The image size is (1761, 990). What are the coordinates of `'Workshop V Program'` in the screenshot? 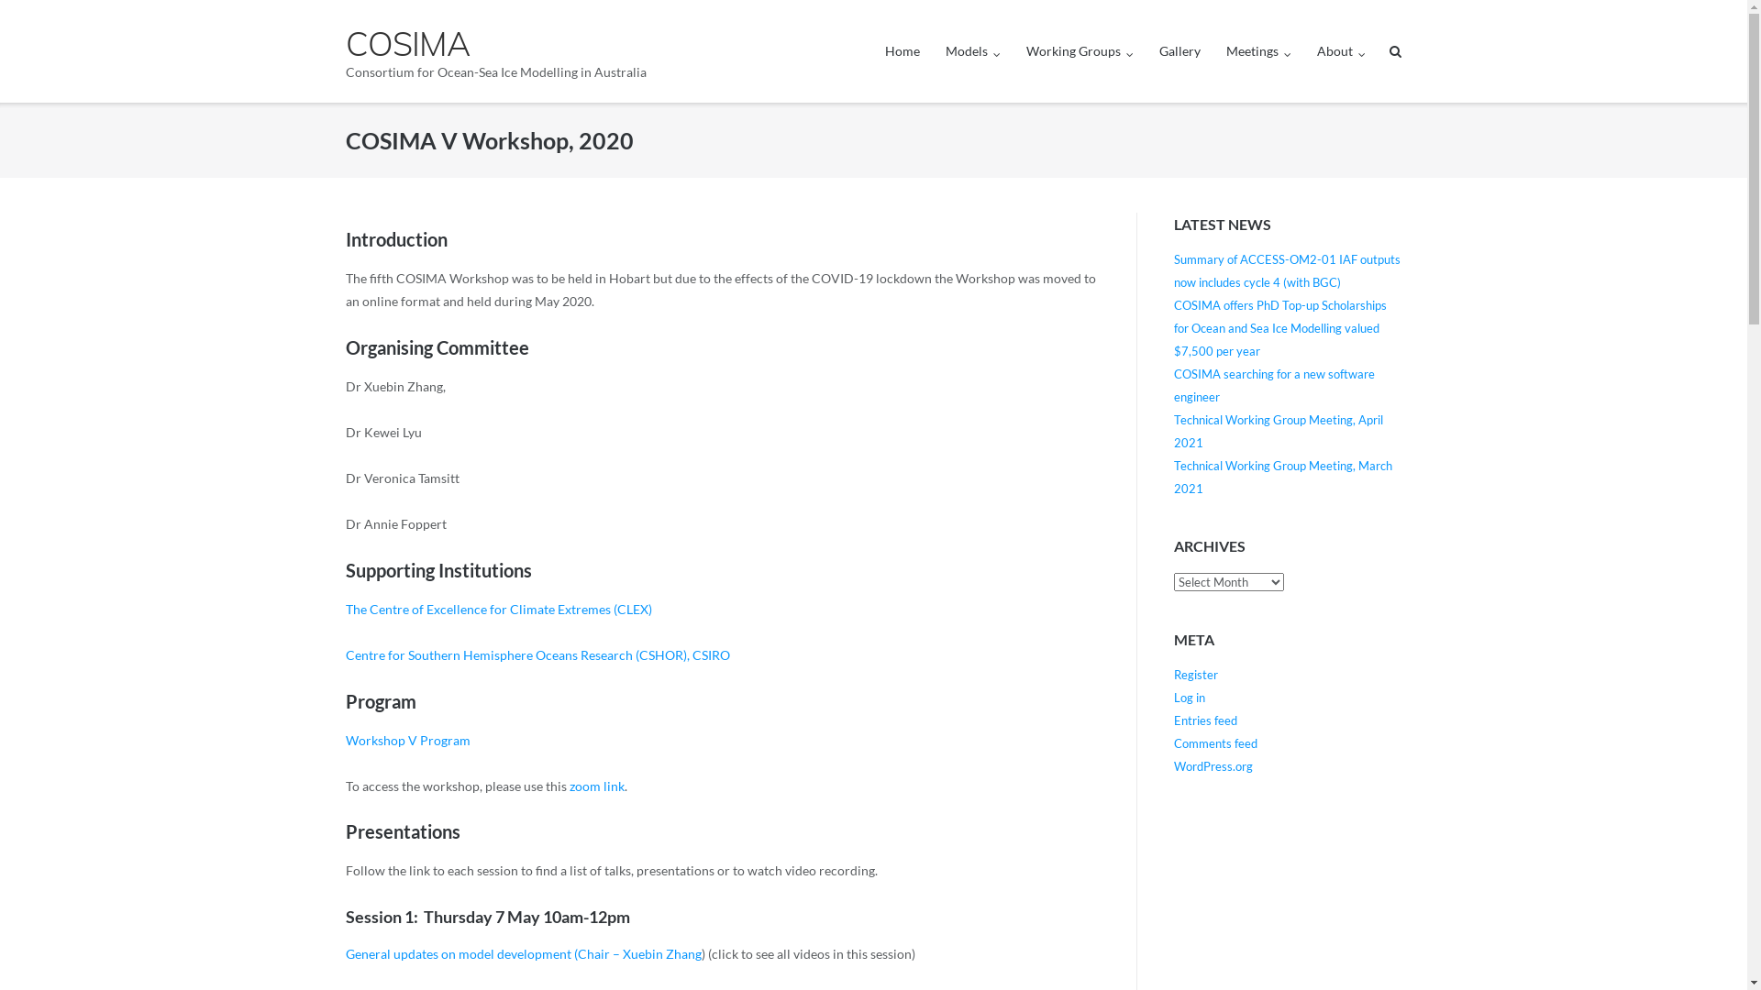 It's located at (346, 739).